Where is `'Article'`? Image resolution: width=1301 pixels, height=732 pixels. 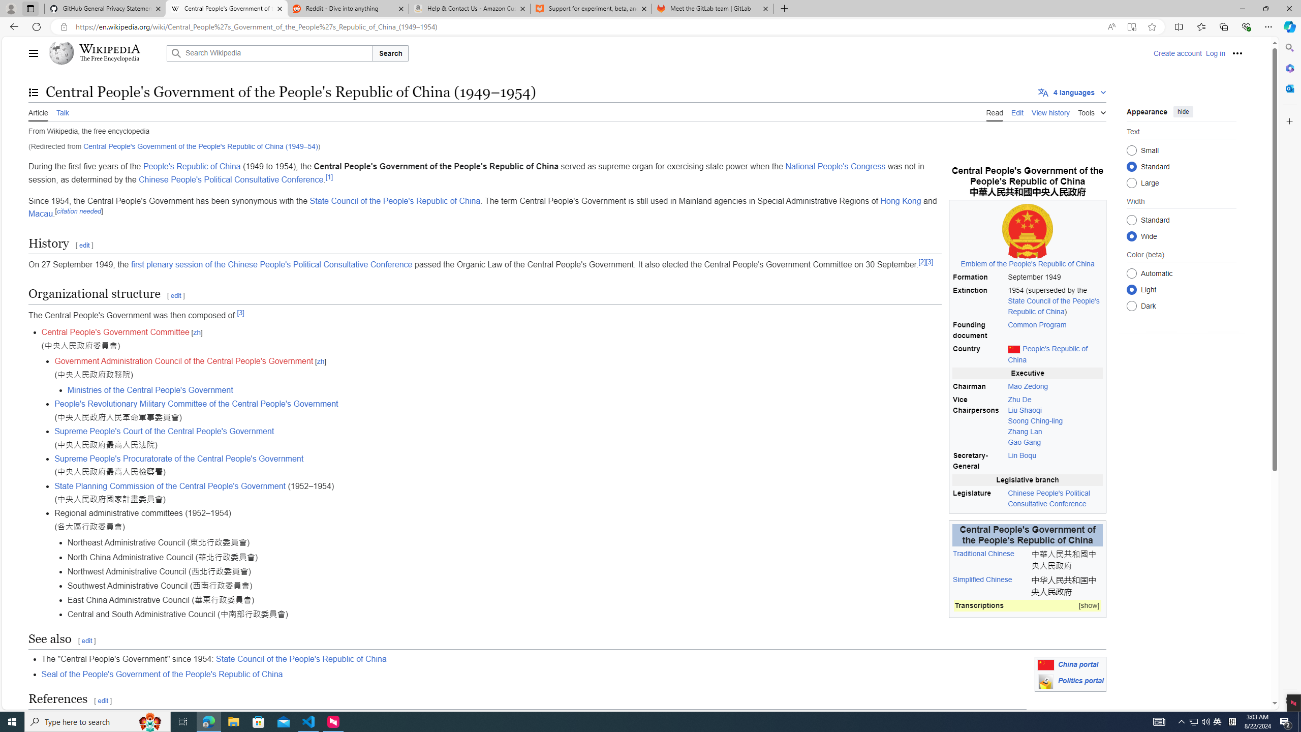 'Article' is located at coordinates (38, 111).